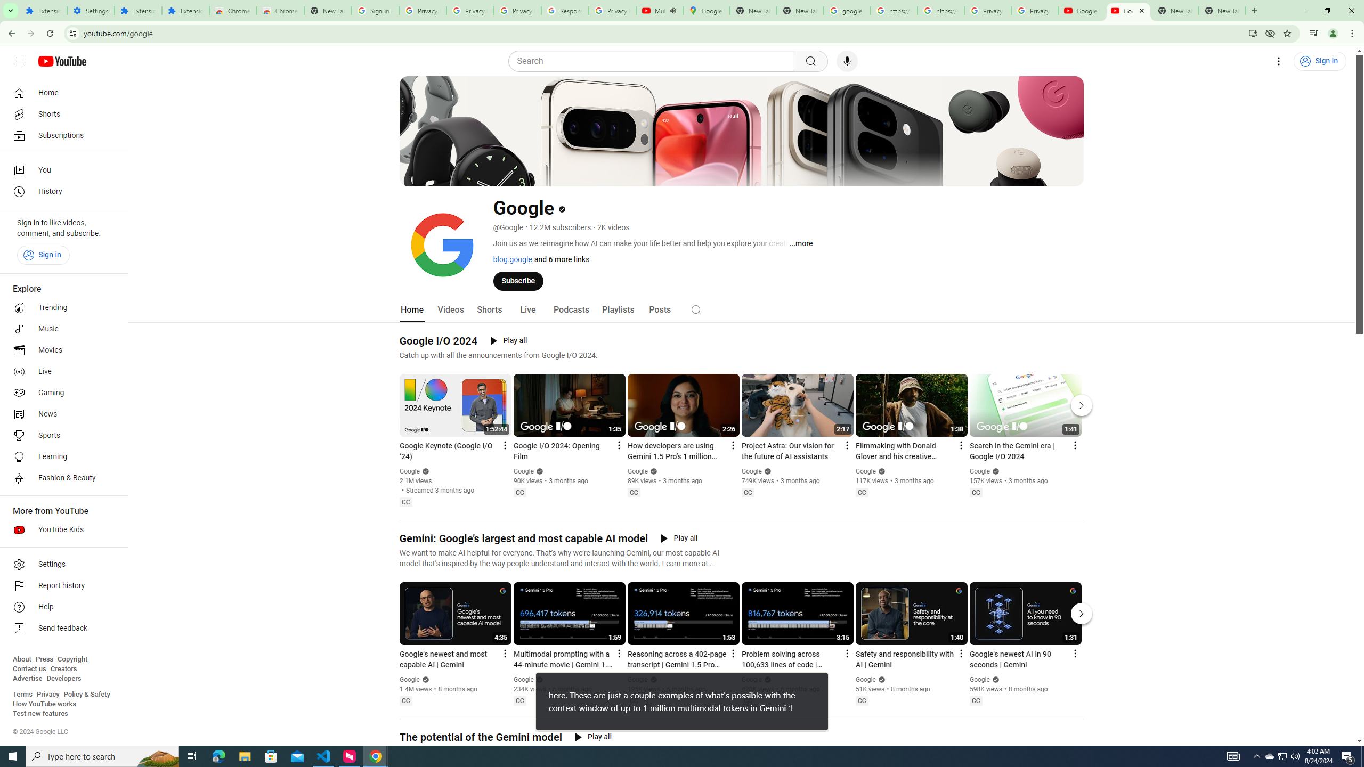  I want to click on 'Subscriptions', so click(60, 135).